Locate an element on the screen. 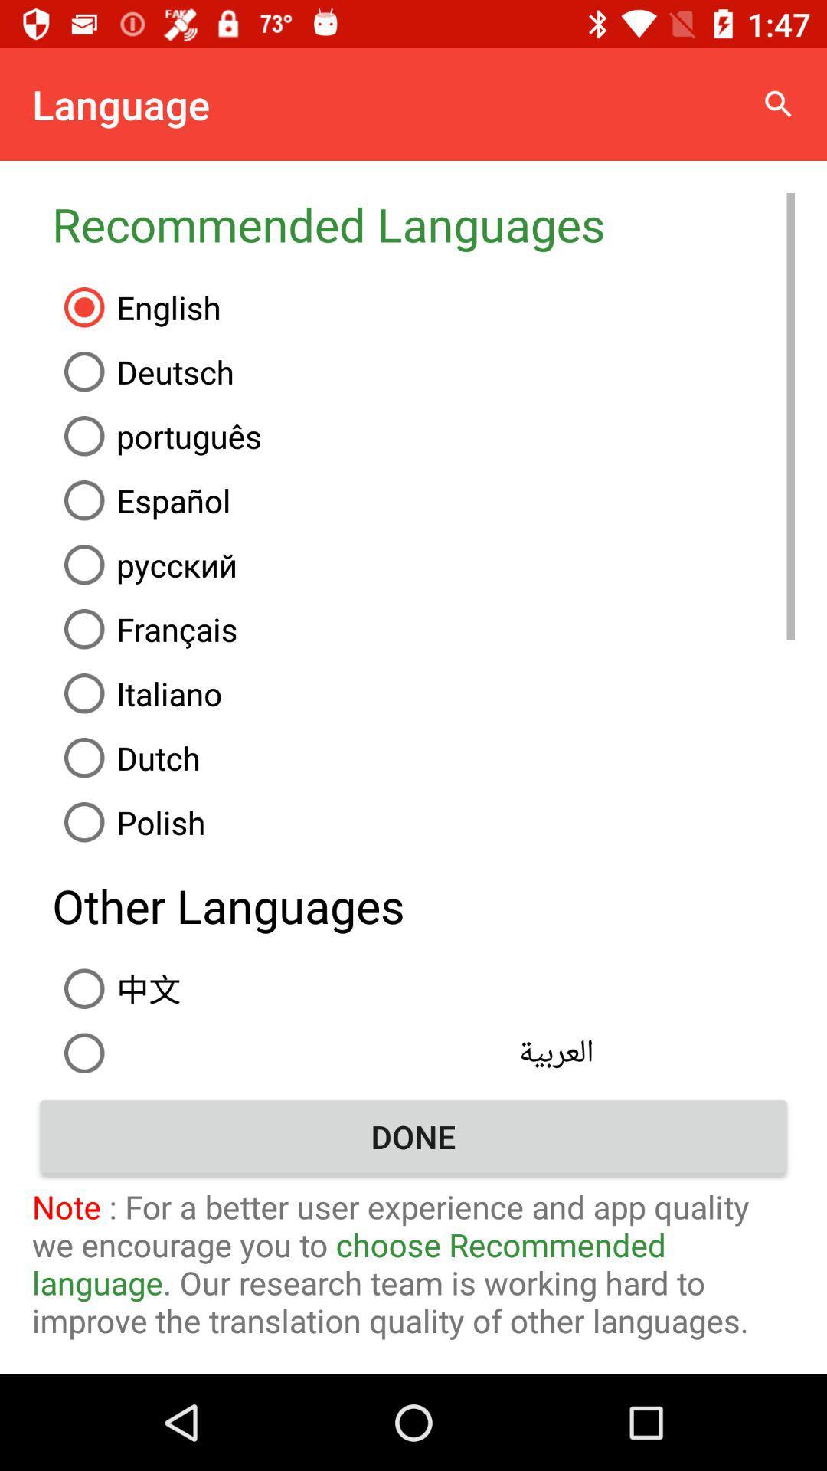 The height and width of the screenshot is (1471, 827). the done item is located at coordinates (413, 1136).